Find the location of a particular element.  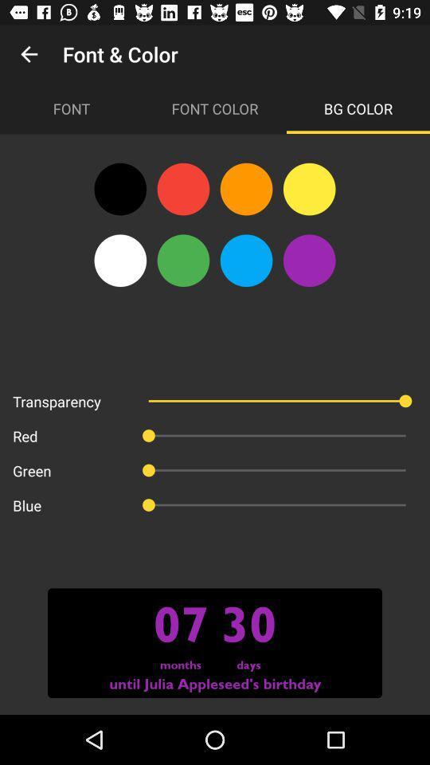

the avatar icon is located at coordinates (182, 189).